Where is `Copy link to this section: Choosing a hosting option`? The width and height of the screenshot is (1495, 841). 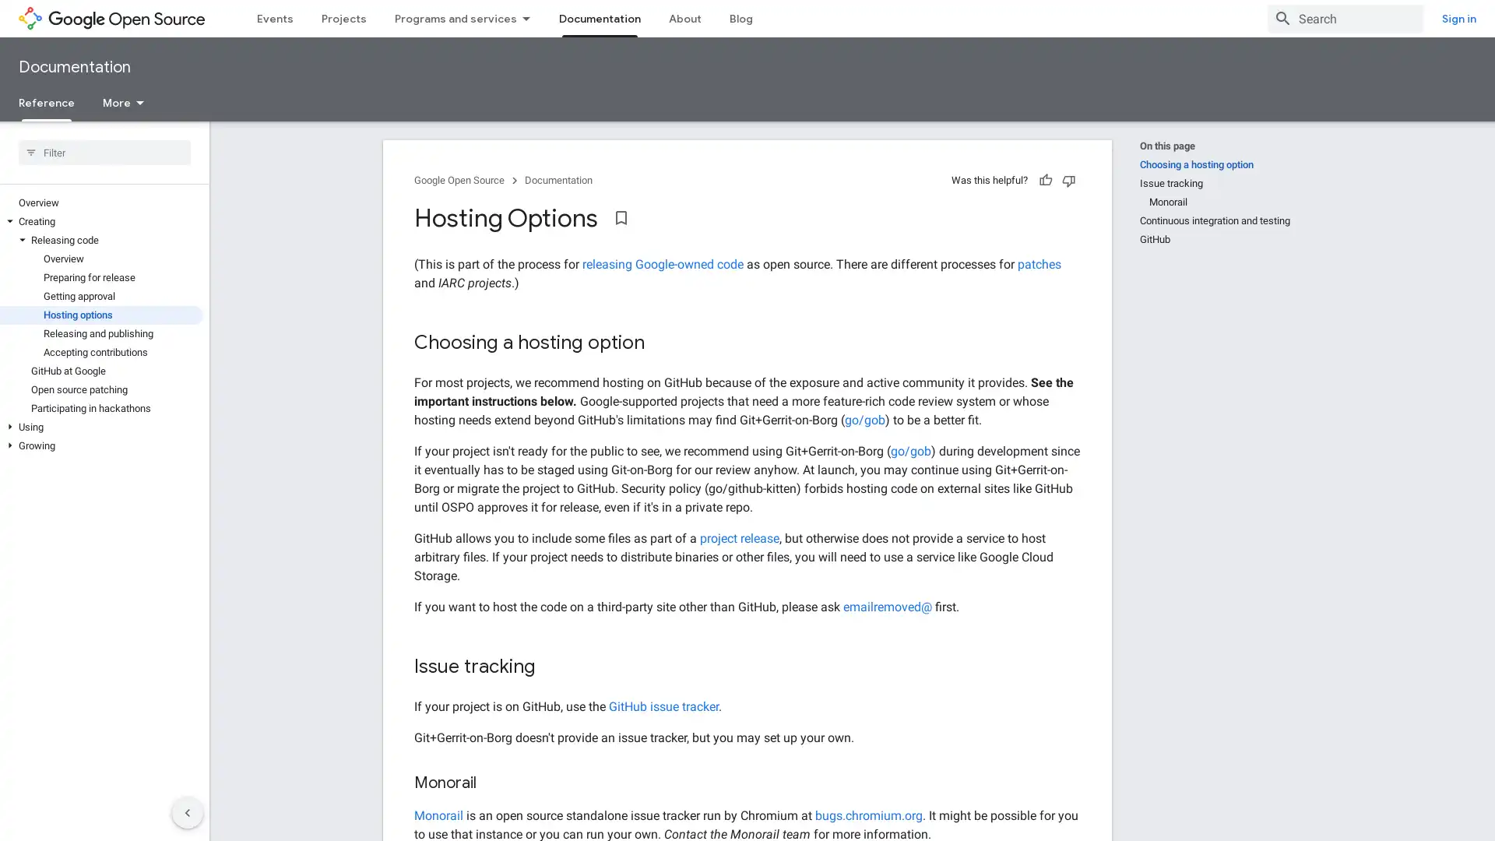
Copy link to this section: Choosing a hosting option is located at coordinates (660, 342).